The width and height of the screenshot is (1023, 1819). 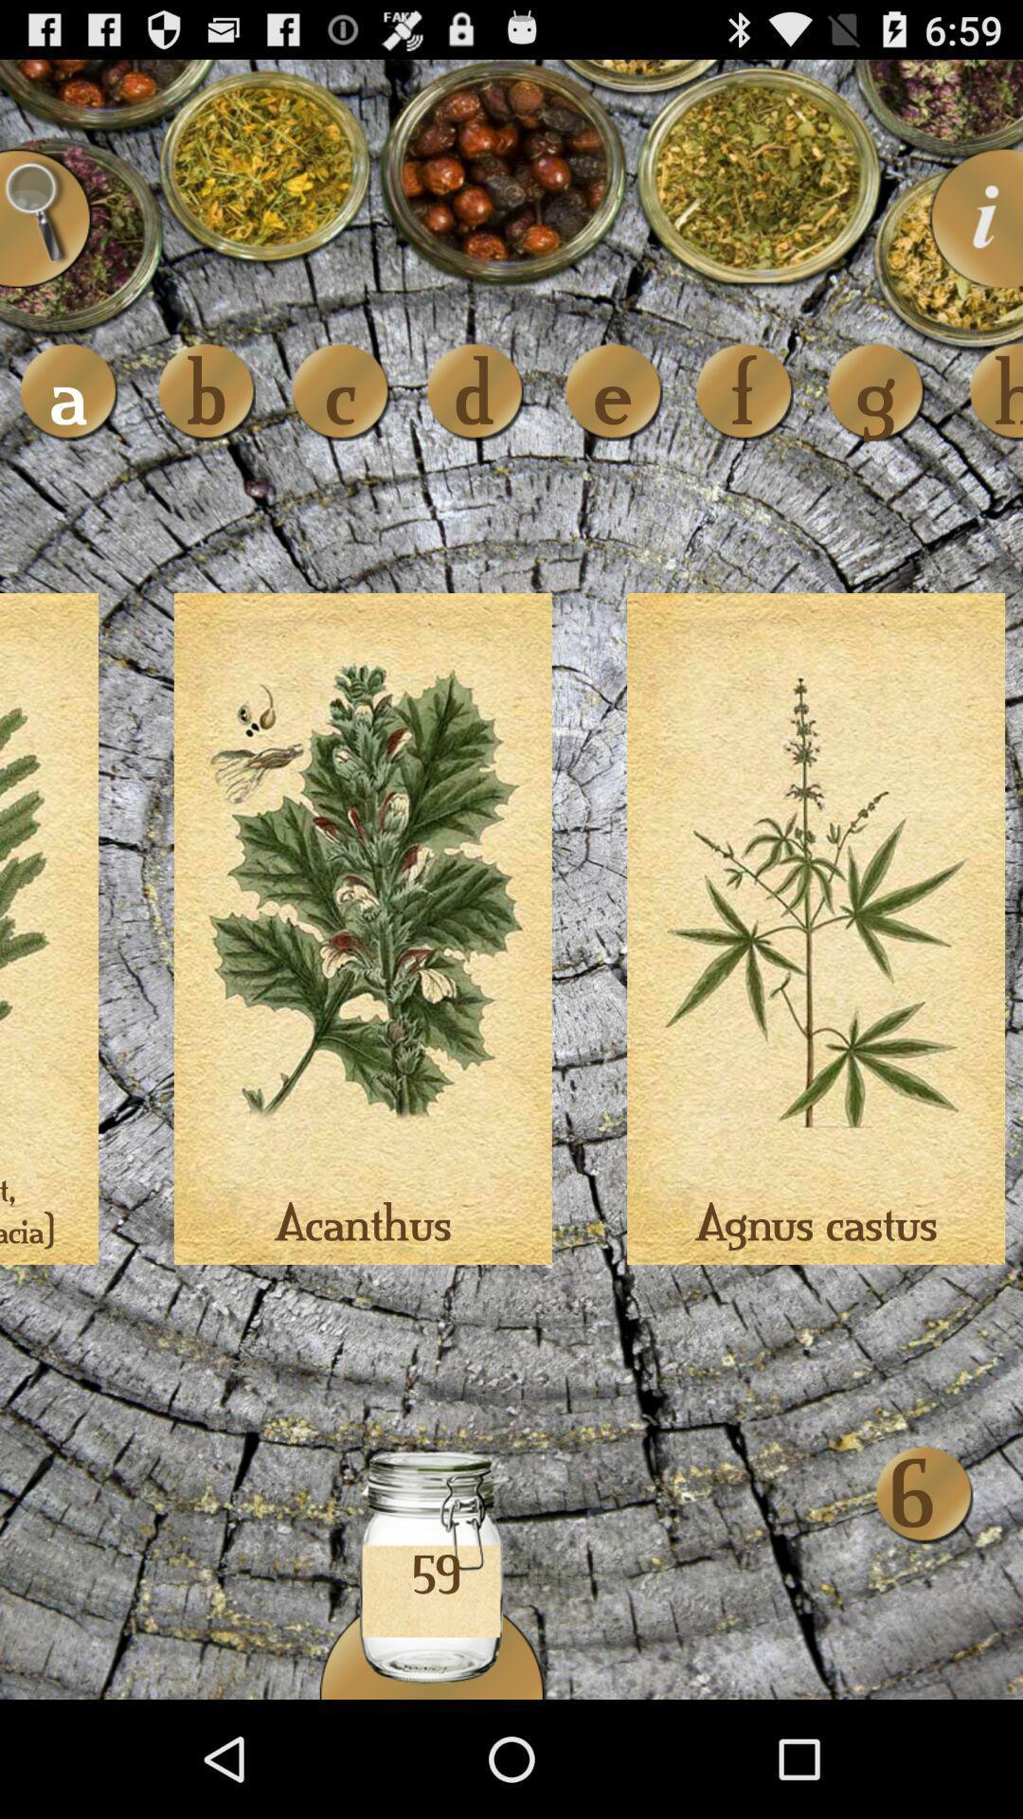 What do you see at coordinates (975, 232) in the screenshot?
I see `the info icon` at bounding box center [975, 232].